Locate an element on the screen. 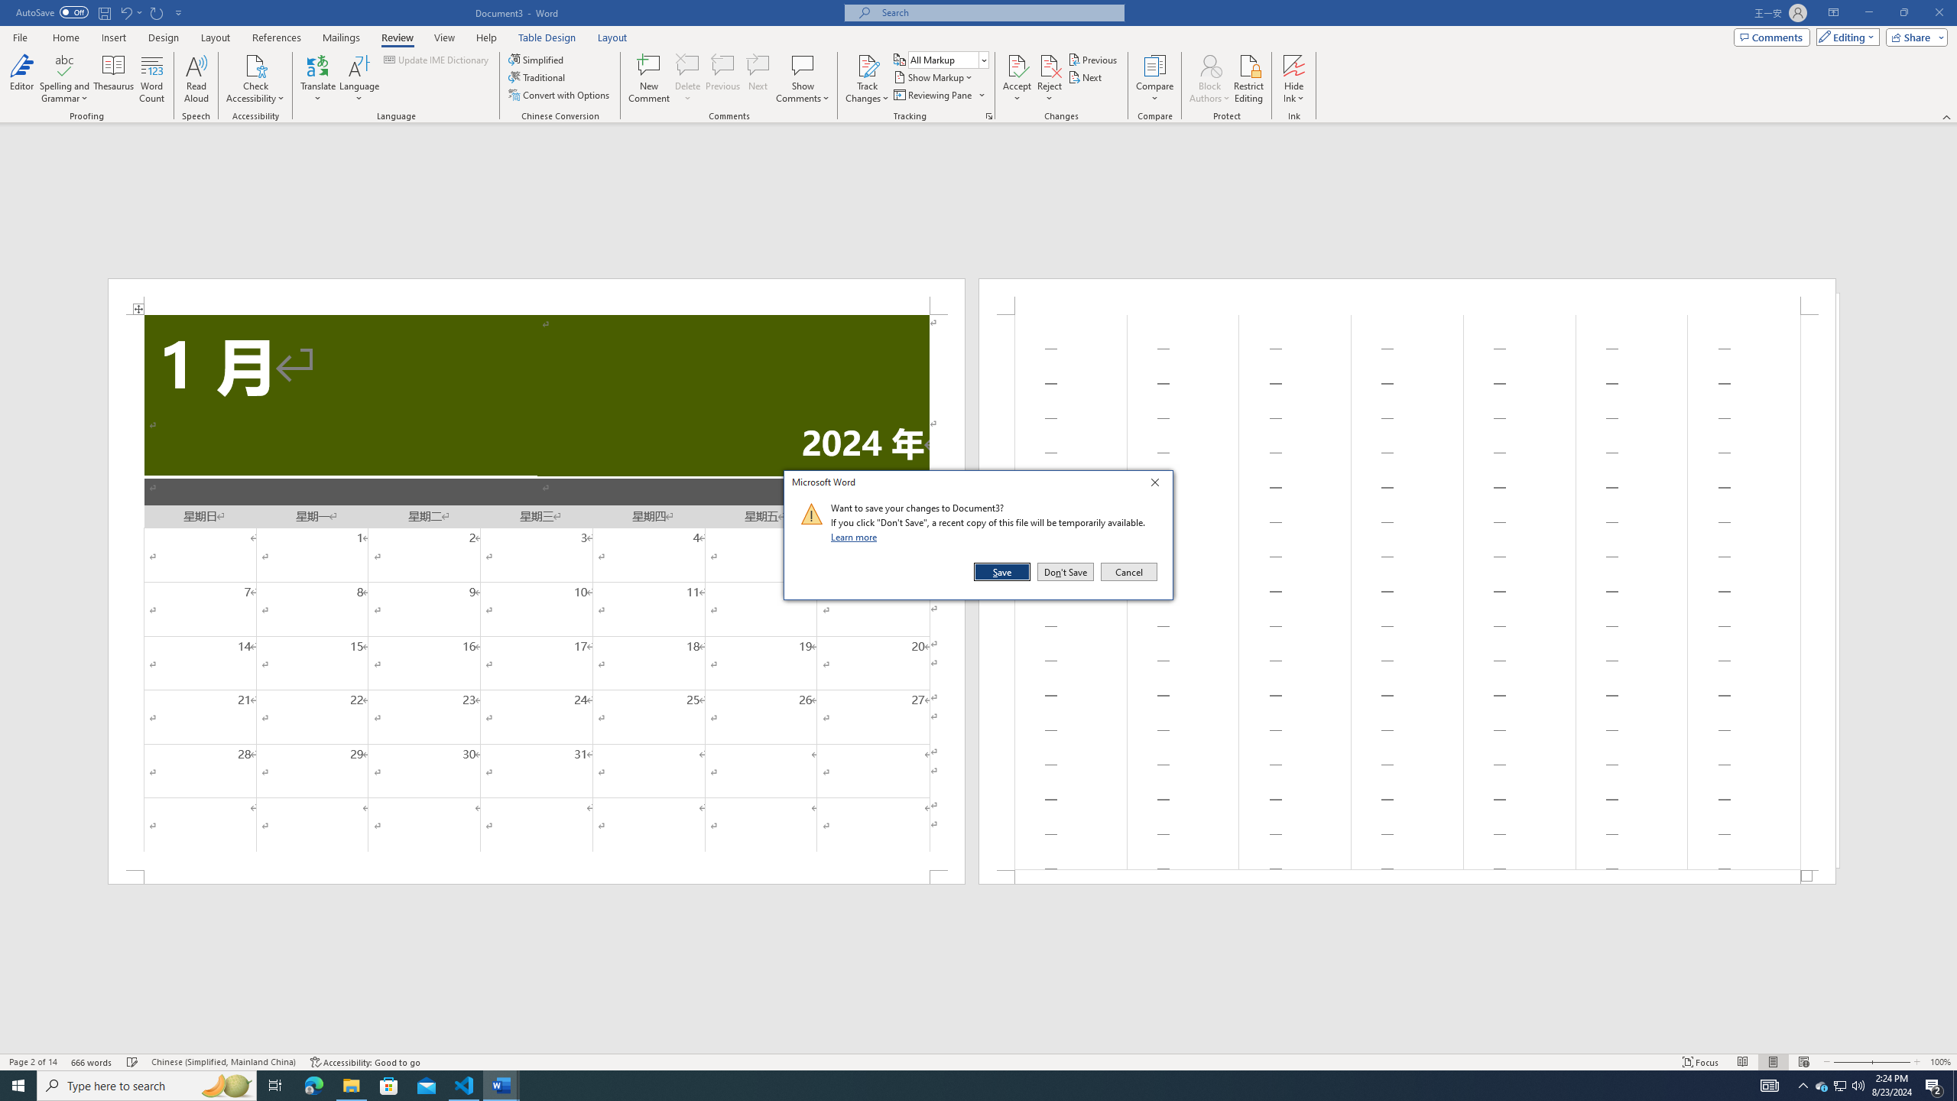  'Change Tracking Options...' is located at coordinates (988, 115).